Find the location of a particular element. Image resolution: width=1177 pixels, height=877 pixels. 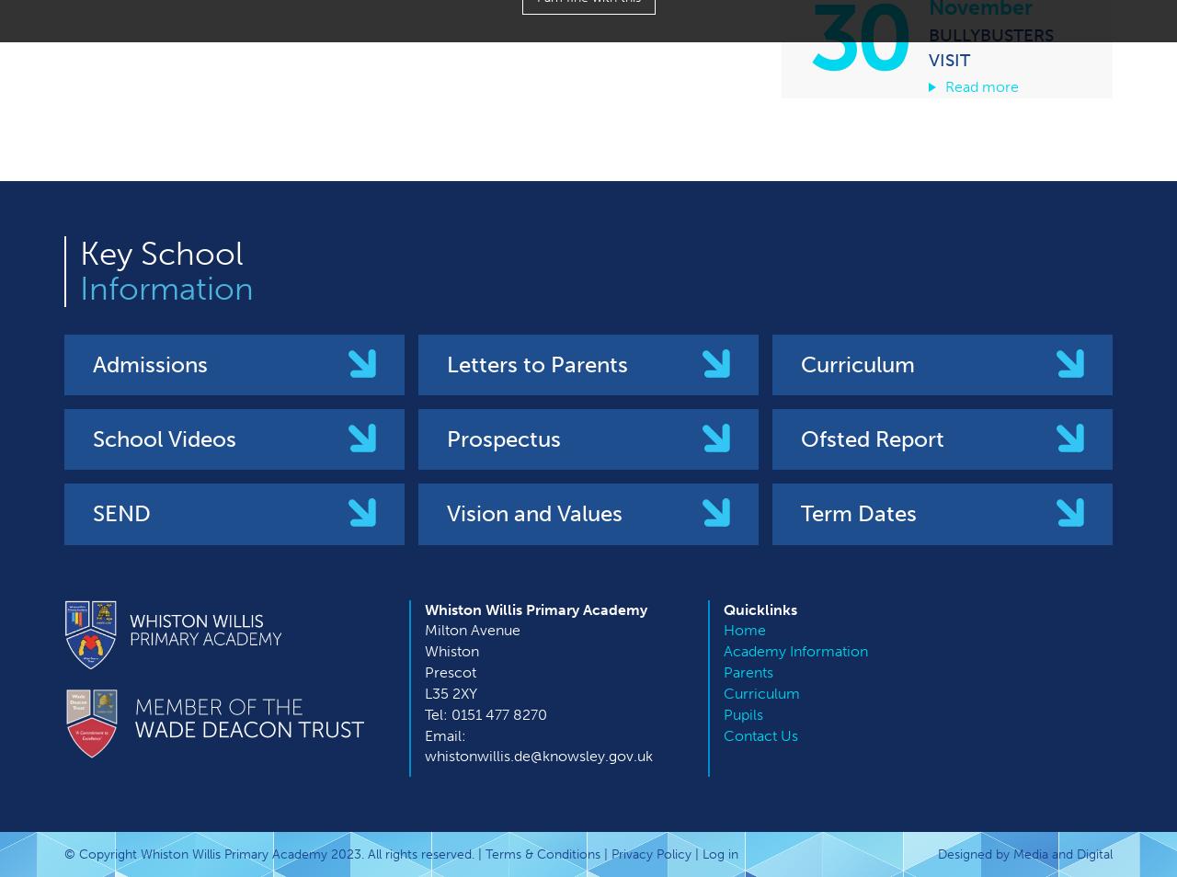

'L35 2XY' is located at coordinates (451, 692).